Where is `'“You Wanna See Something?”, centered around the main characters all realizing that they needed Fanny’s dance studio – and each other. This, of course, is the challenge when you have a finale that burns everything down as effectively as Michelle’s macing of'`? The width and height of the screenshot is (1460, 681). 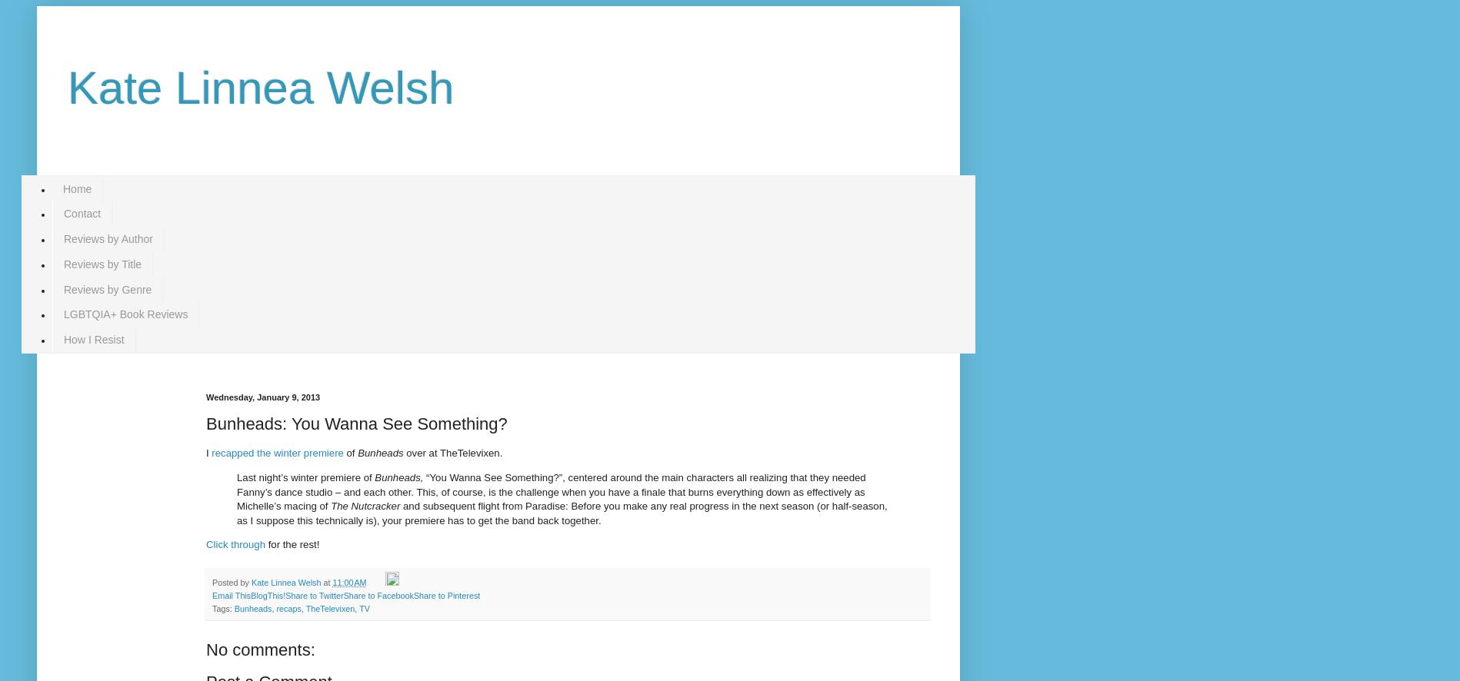 '“You Wanna See Something?”, centered around the main characters all realizing that they needed Fanny’s dance studio – and each other. This, of course, is the challenge when you have a finale that burns everything down as effectively as Michelle’s macing of' is located at coordinates (551, 491).